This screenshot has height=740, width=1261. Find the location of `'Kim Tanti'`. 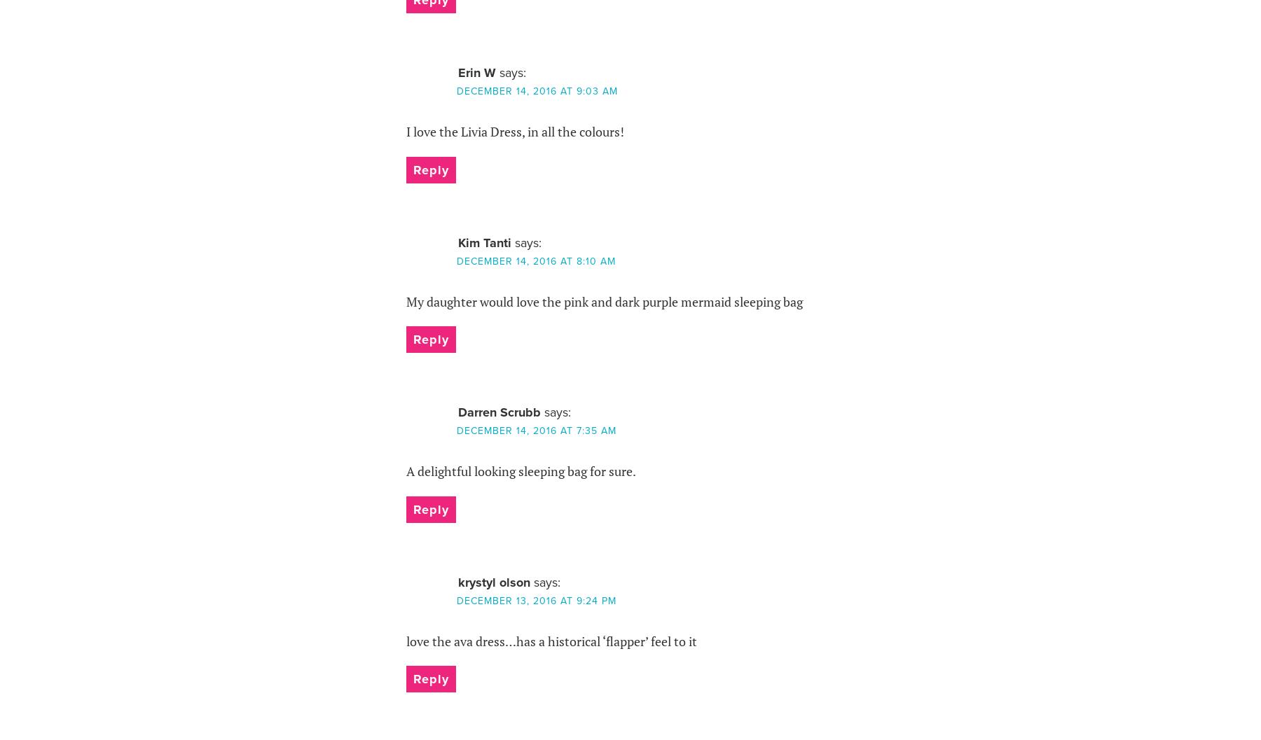

'Kim Tanti' is located at coordinates (483, 242).